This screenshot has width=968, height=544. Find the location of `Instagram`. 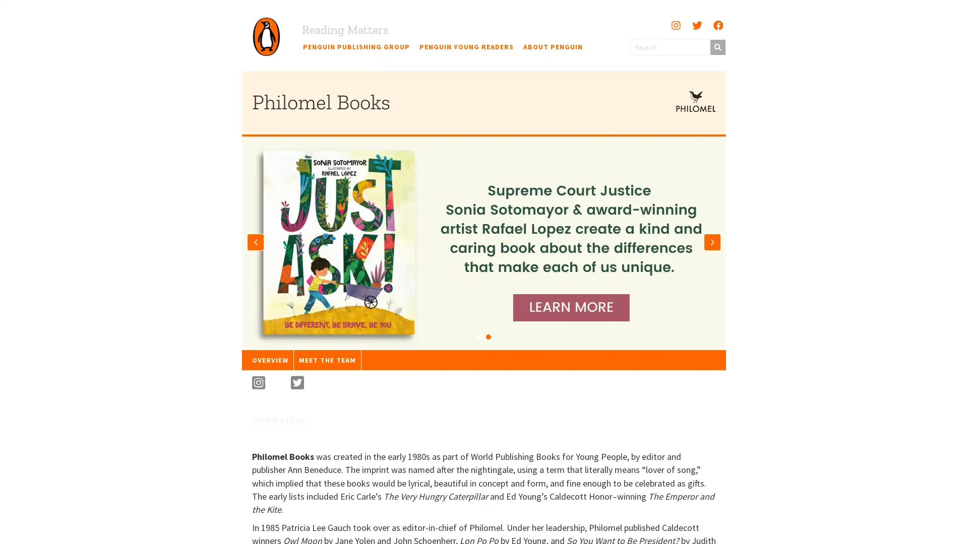

Instagram is located at coordinates (675, 25).